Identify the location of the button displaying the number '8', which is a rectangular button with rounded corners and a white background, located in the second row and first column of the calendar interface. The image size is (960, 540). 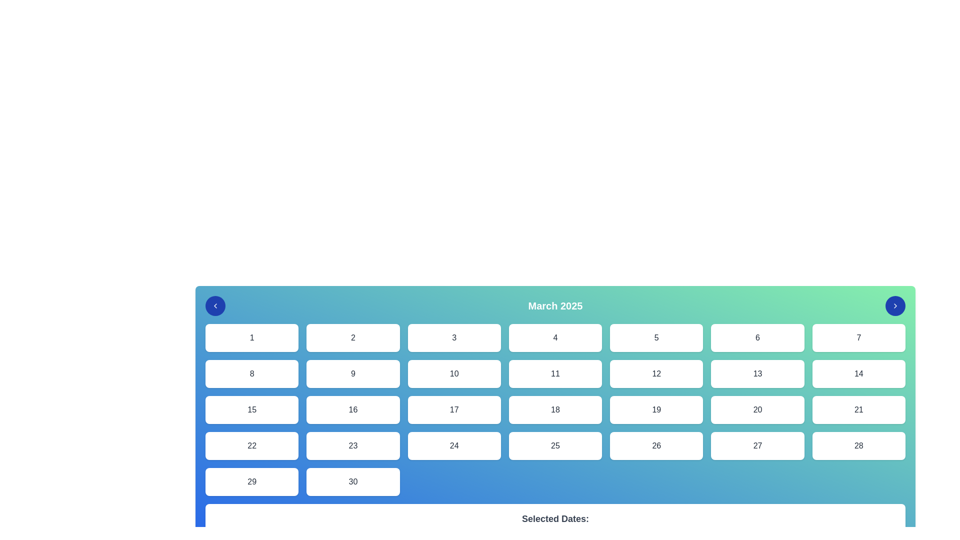
(252, 374).